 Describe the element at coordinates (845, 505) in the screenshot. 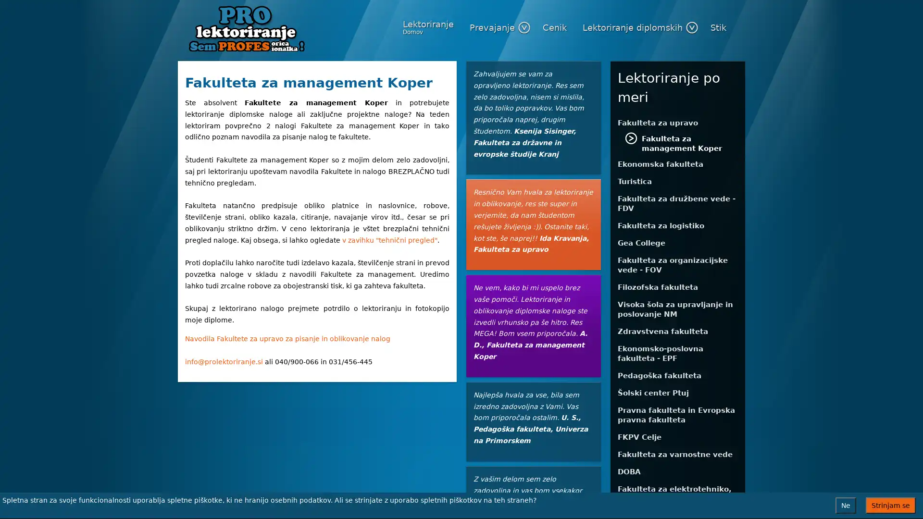

I see `Ne` at that location.